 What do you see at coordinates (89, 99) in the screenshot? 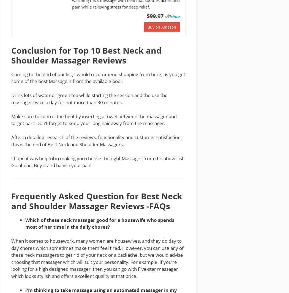
I see `'Drink lots of water or green tea while starting the session and the use the massager twice a day for not more than 30 minutes.'` at bounding box center [89, 99].